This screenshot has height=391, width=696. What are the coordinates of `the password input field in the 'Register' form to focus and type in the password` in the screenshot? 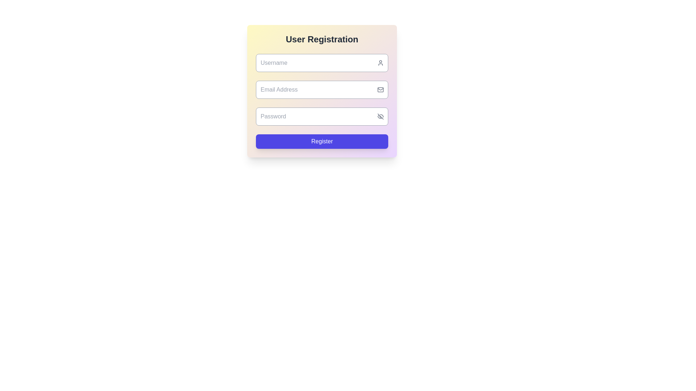 It's located at (322, 116).